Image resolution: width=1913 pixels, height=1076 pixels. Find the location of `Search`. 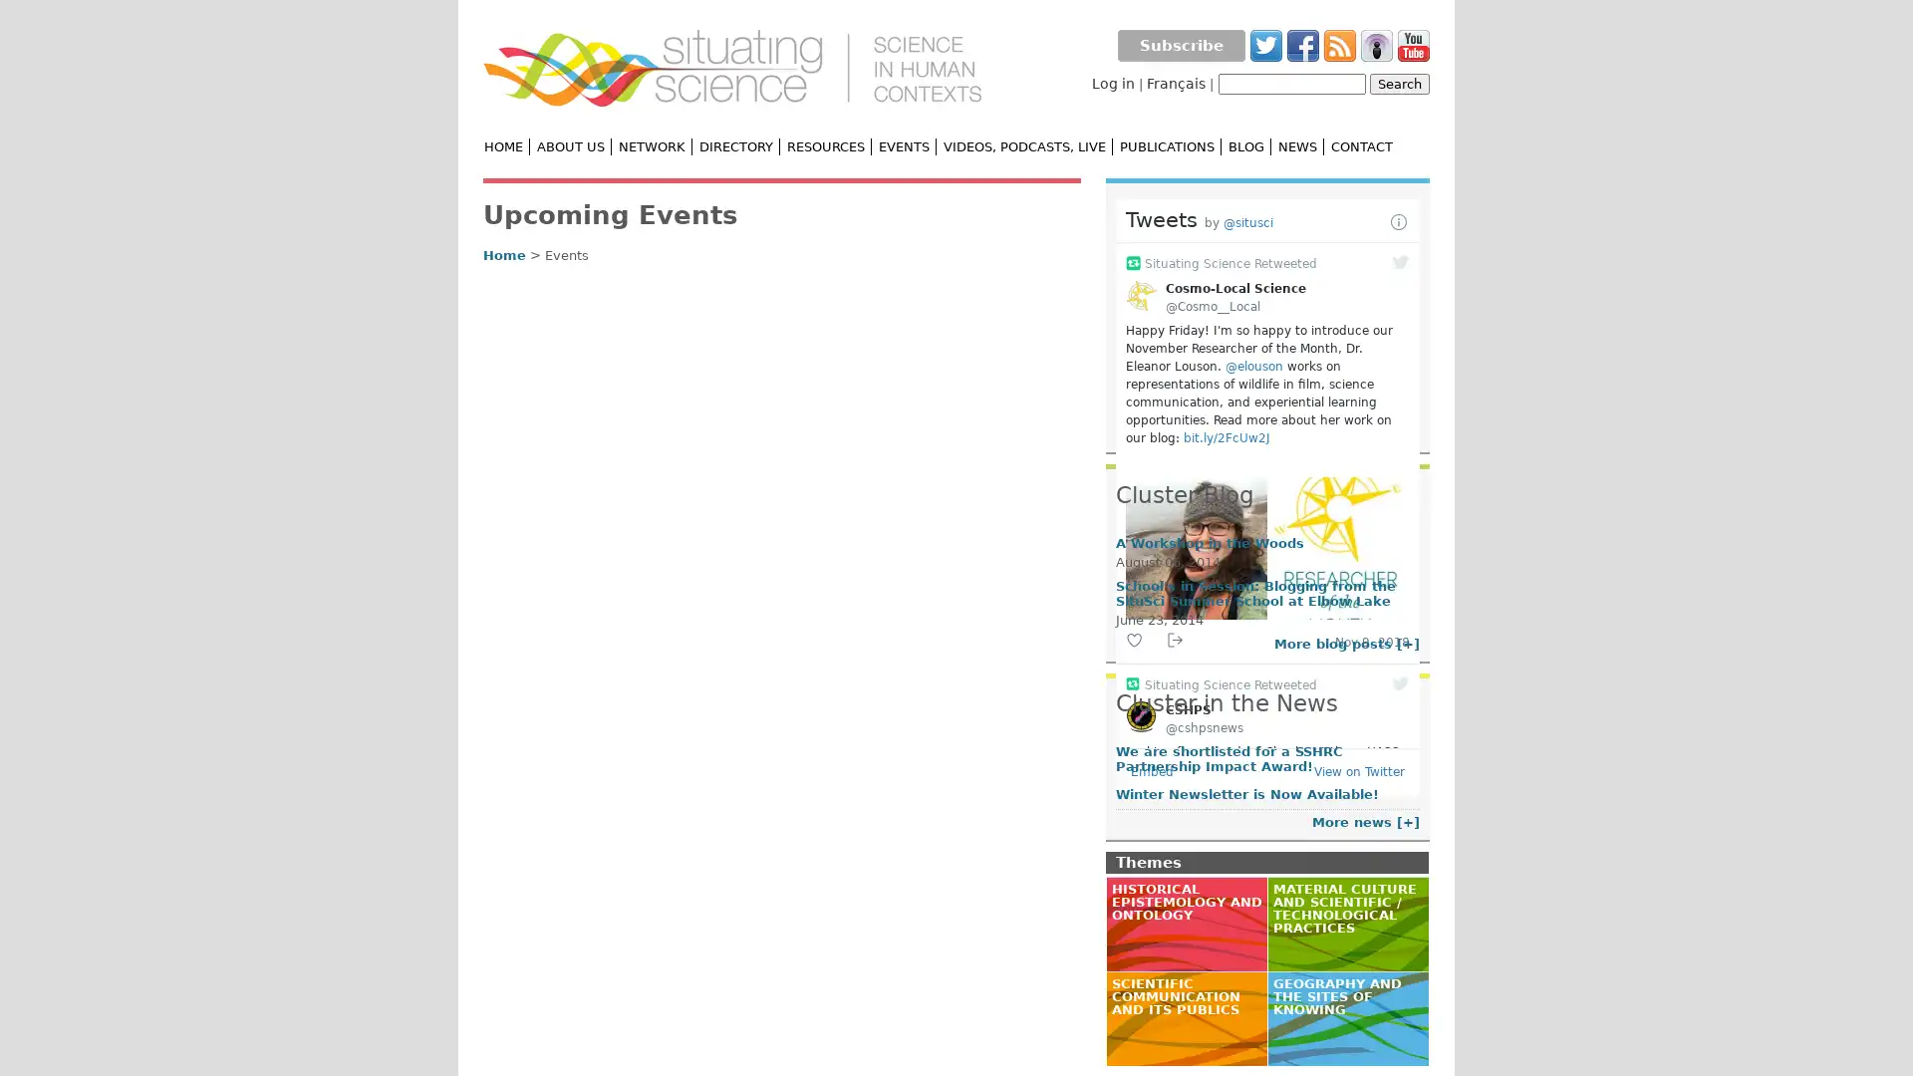

Search is located at coordinates (1399, 83).